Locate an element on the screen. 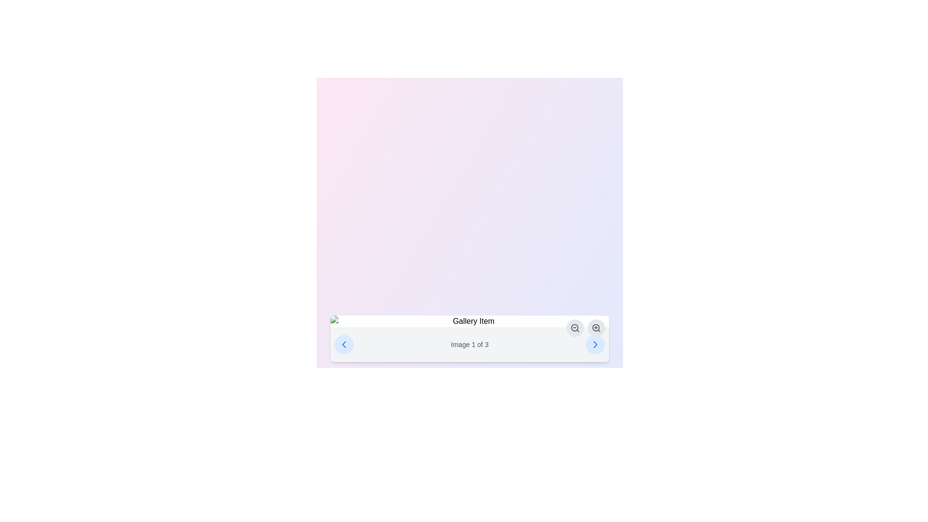 This screenshot has width=928, height=522. the Zoom-in action icon located within the circular button in the bottom-right section of the interface is located at coordinates (595, 327).